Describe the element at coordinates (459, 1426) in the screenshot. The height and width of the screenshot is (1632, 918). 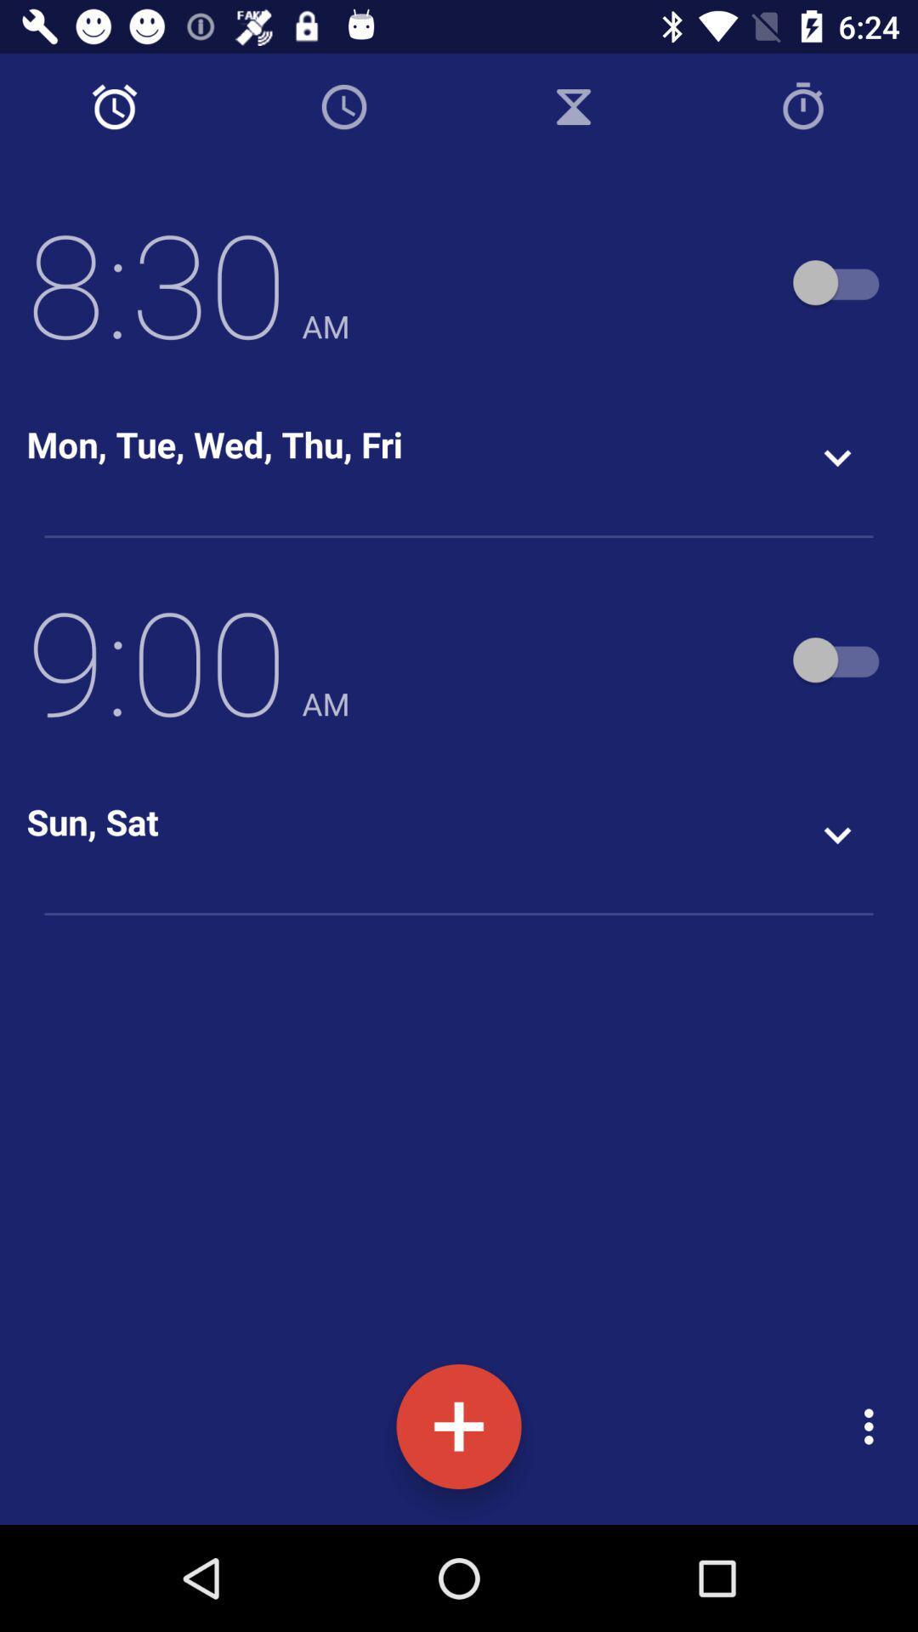
I see `on` at that location.